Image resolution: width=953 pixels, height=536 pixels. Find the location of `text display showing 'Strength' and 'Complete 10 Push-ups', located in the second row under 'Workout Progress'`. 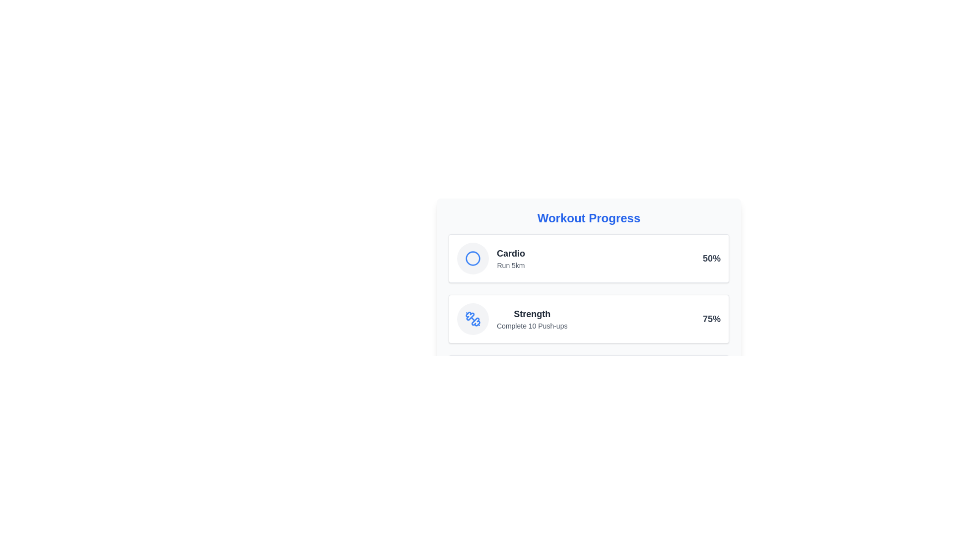

text display showing 'Strength' and 'Complete 10 Push-ups', located in the second row under 'Workout Progress' is located at coordinates (532, 319).